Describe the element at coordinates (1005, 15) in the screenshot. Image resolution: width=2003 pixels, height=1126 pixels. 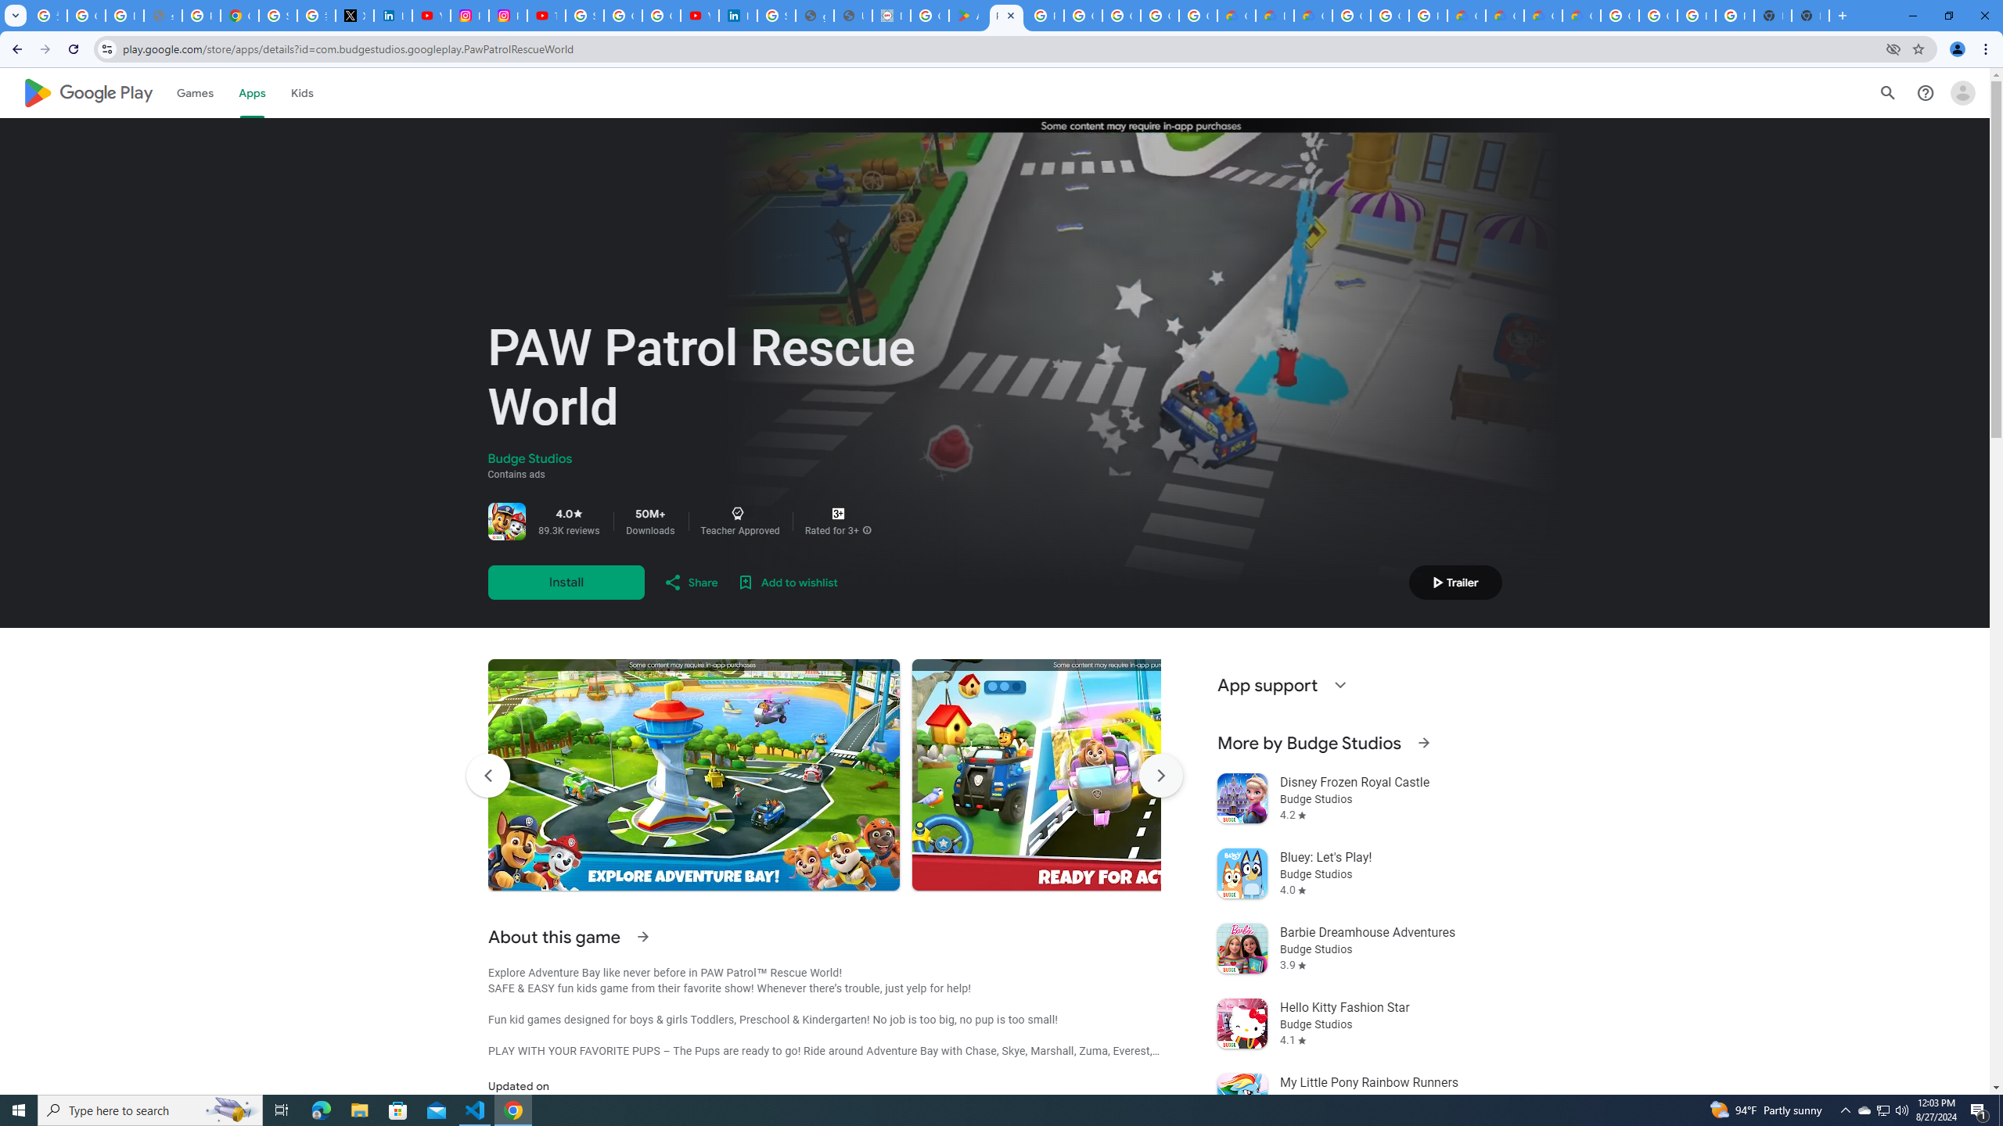
I see `'PAW Patrol Rescue World - Apps on Google Play'` at that location.